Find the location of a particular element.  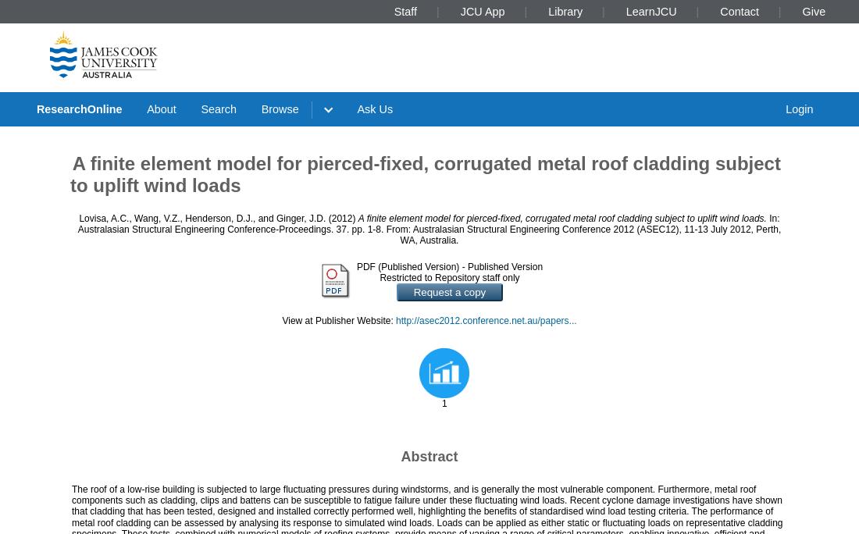

'1' is located at coordinates (444, 402).